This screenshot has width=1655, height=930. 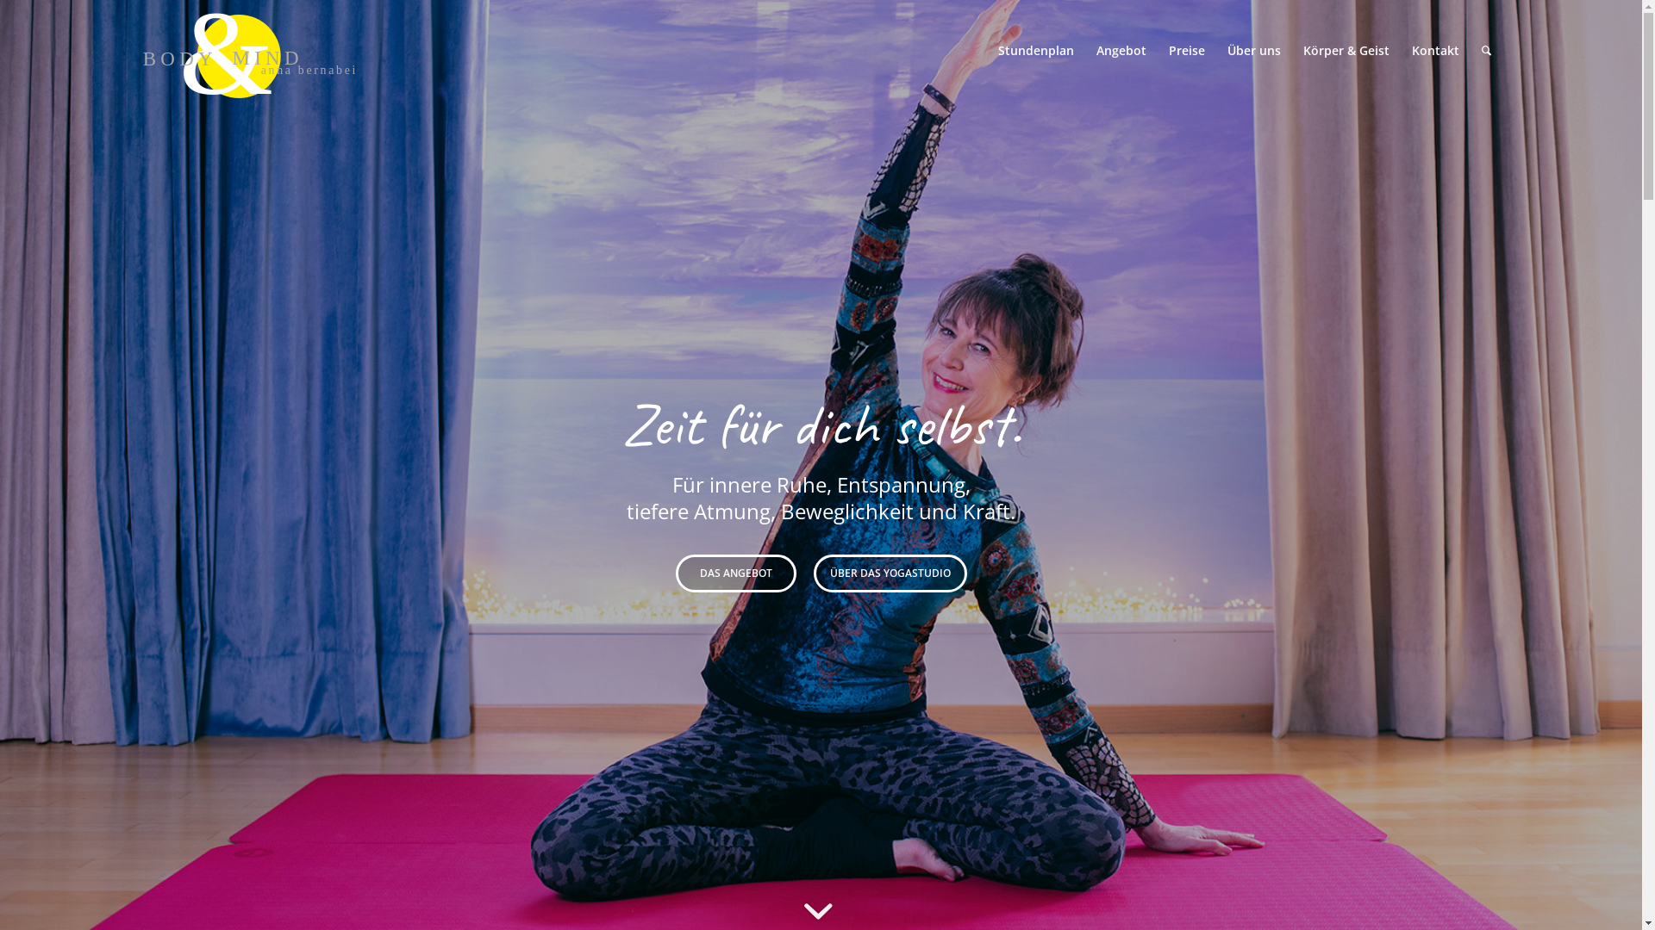 I want to click on 'Kontakt', so click(x=1434, y=49).